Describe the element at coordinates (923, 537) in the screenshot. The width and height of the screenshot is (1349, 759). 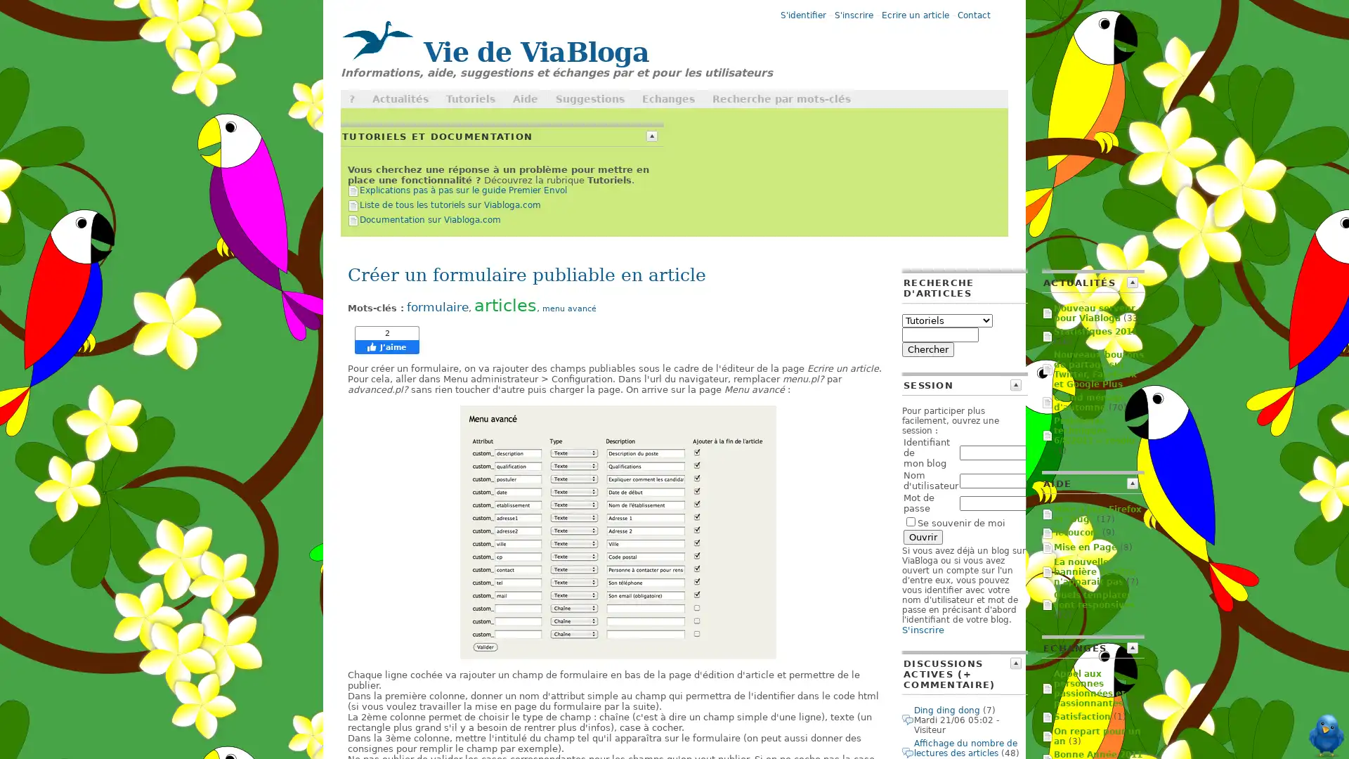
I see `Ouvrir` at that location.